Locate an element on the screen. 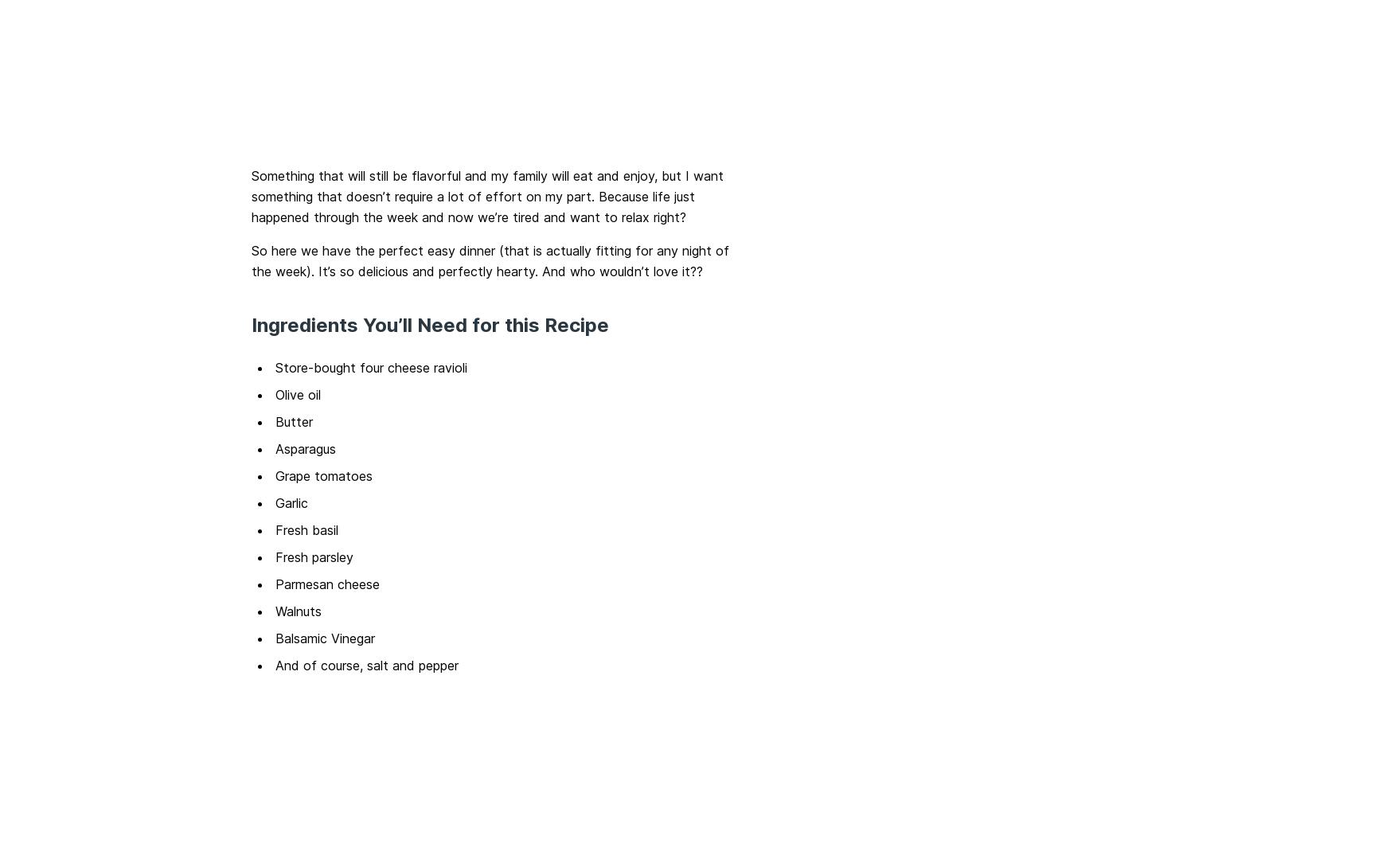 Image resolution: width=1394 pixels, height=855 pixels. 'Parmesan cheese' is located at coordinates (327, 584).